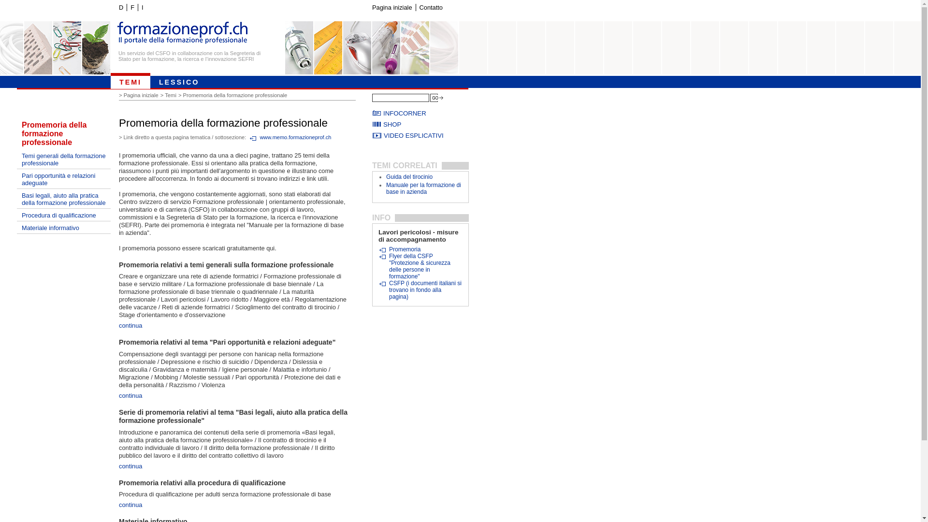 The image size is (928, 522). I want to click on 'Contatto', so click(415, 7).